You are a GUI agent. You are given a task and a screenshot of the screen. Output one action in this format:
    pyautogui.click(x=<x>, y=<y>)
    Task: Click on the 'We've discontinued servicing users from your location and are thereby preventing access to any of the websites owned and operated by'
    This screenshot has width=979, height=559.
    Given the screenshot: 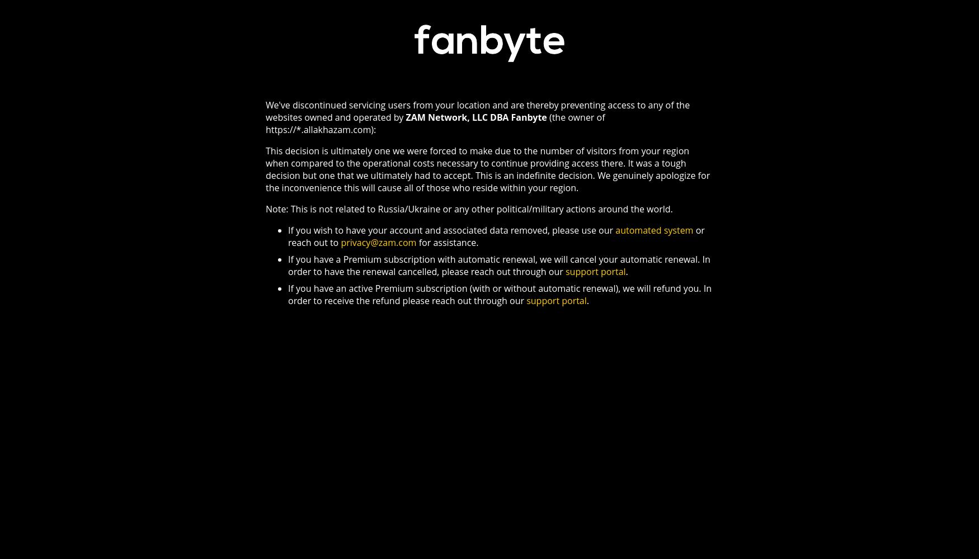 What is the action you would take?
    pyautogui.click(x=478, y=110)
    